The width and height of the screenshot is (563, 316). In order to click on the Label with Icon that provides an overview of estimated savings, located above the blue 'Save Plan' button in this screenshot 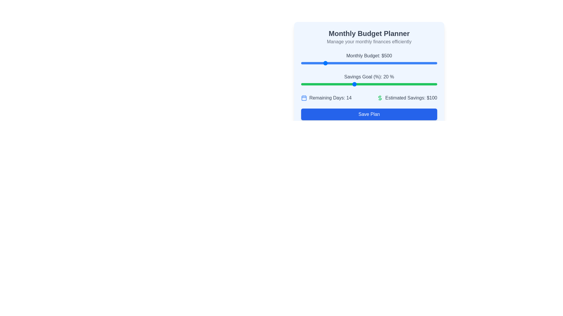, I will do `click(407, 98)`.